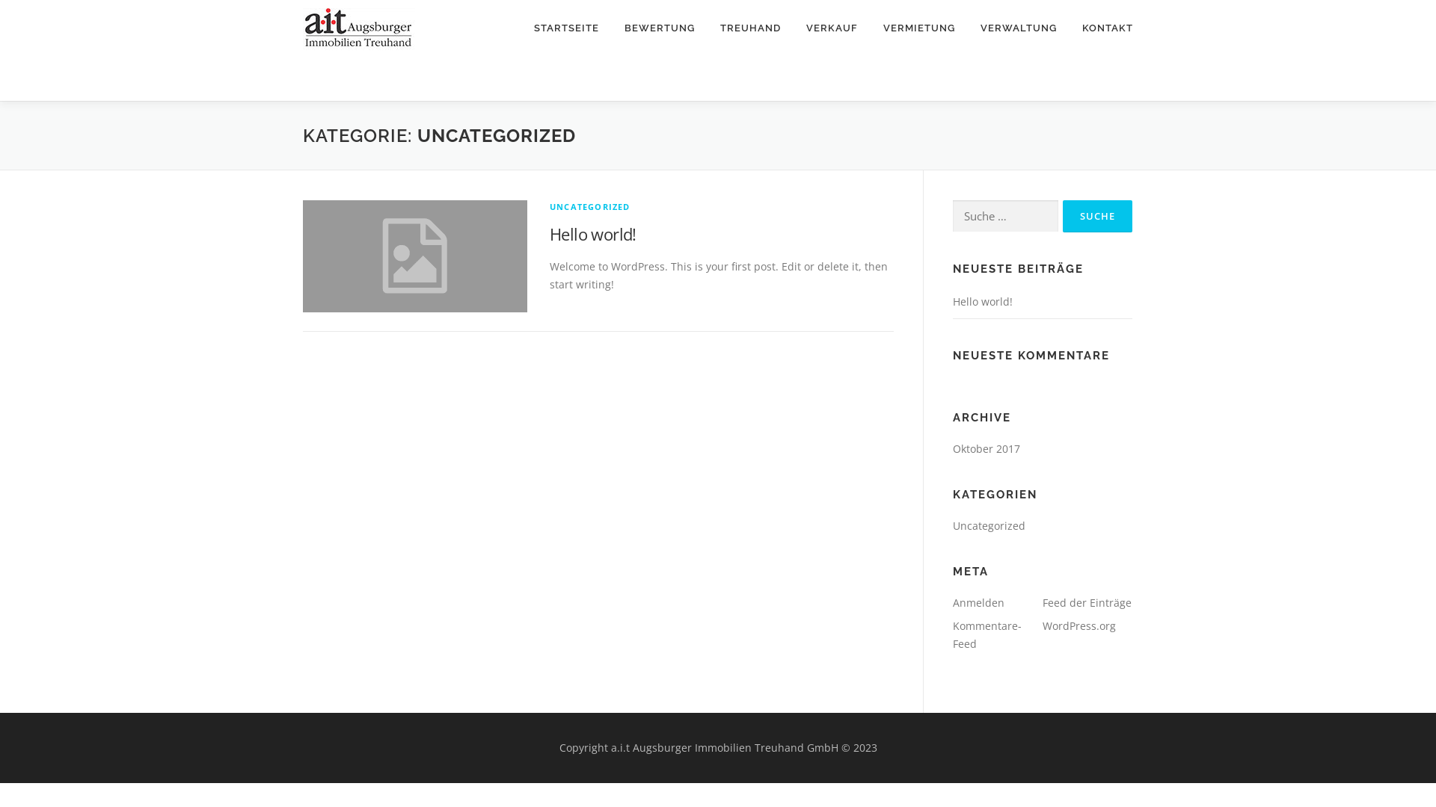 The width and height of the screenshot is (1436, 807). What do you see at coordinates (983, 301) in the screenshot?
I see `'Hello world!'` at bounding box center [983, 301].